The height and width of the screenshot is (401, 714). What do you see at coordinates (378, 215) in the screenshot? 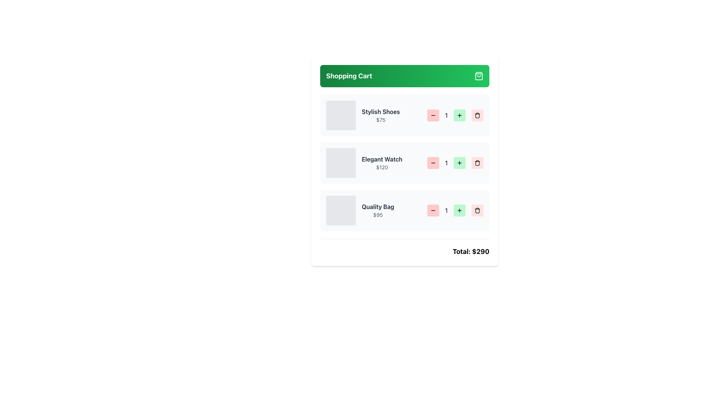
I see `the price text label for the 'Quality Bag' item in the shopping cart, located directly below the item name and aligned with the quantity adjustment buttons and image thumbnail` at bounding box center [378, 215].